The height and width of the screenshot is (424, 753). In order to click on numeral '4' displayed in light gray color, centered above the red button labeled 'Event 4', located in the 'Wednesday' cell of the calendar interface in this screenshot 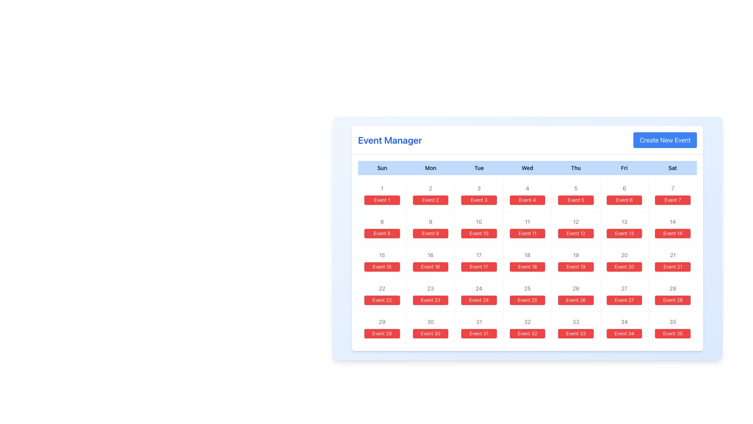, I will do `click(527, 188)`.